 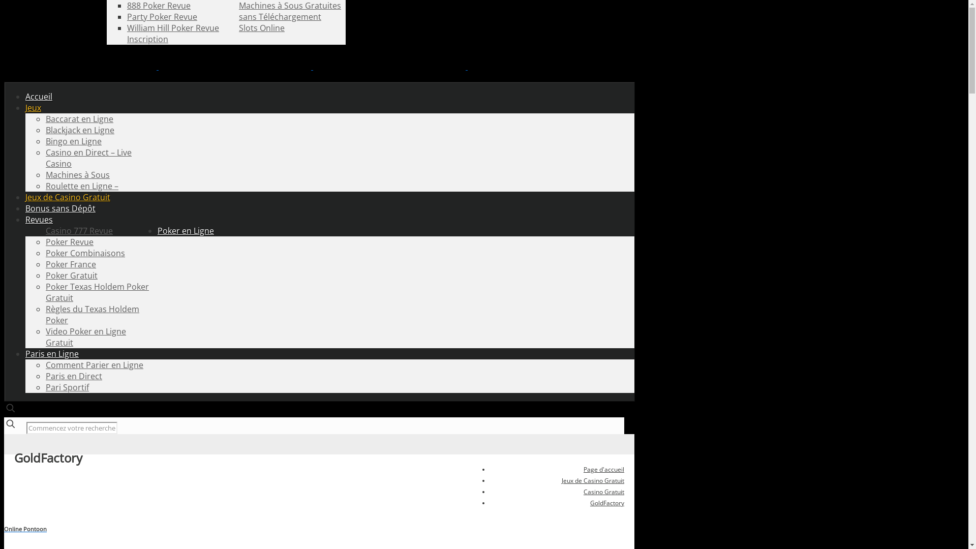 I want to click on 'Poker France', so click(x=45, y=264).